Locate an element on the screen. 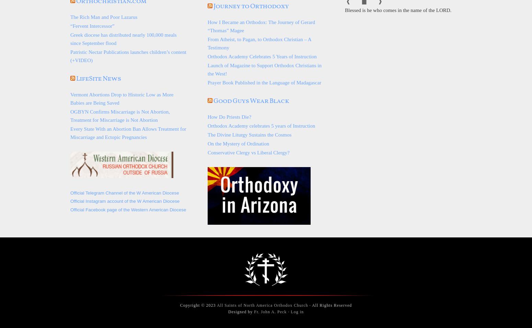  'Log in' is located at coordinates (297, 312).